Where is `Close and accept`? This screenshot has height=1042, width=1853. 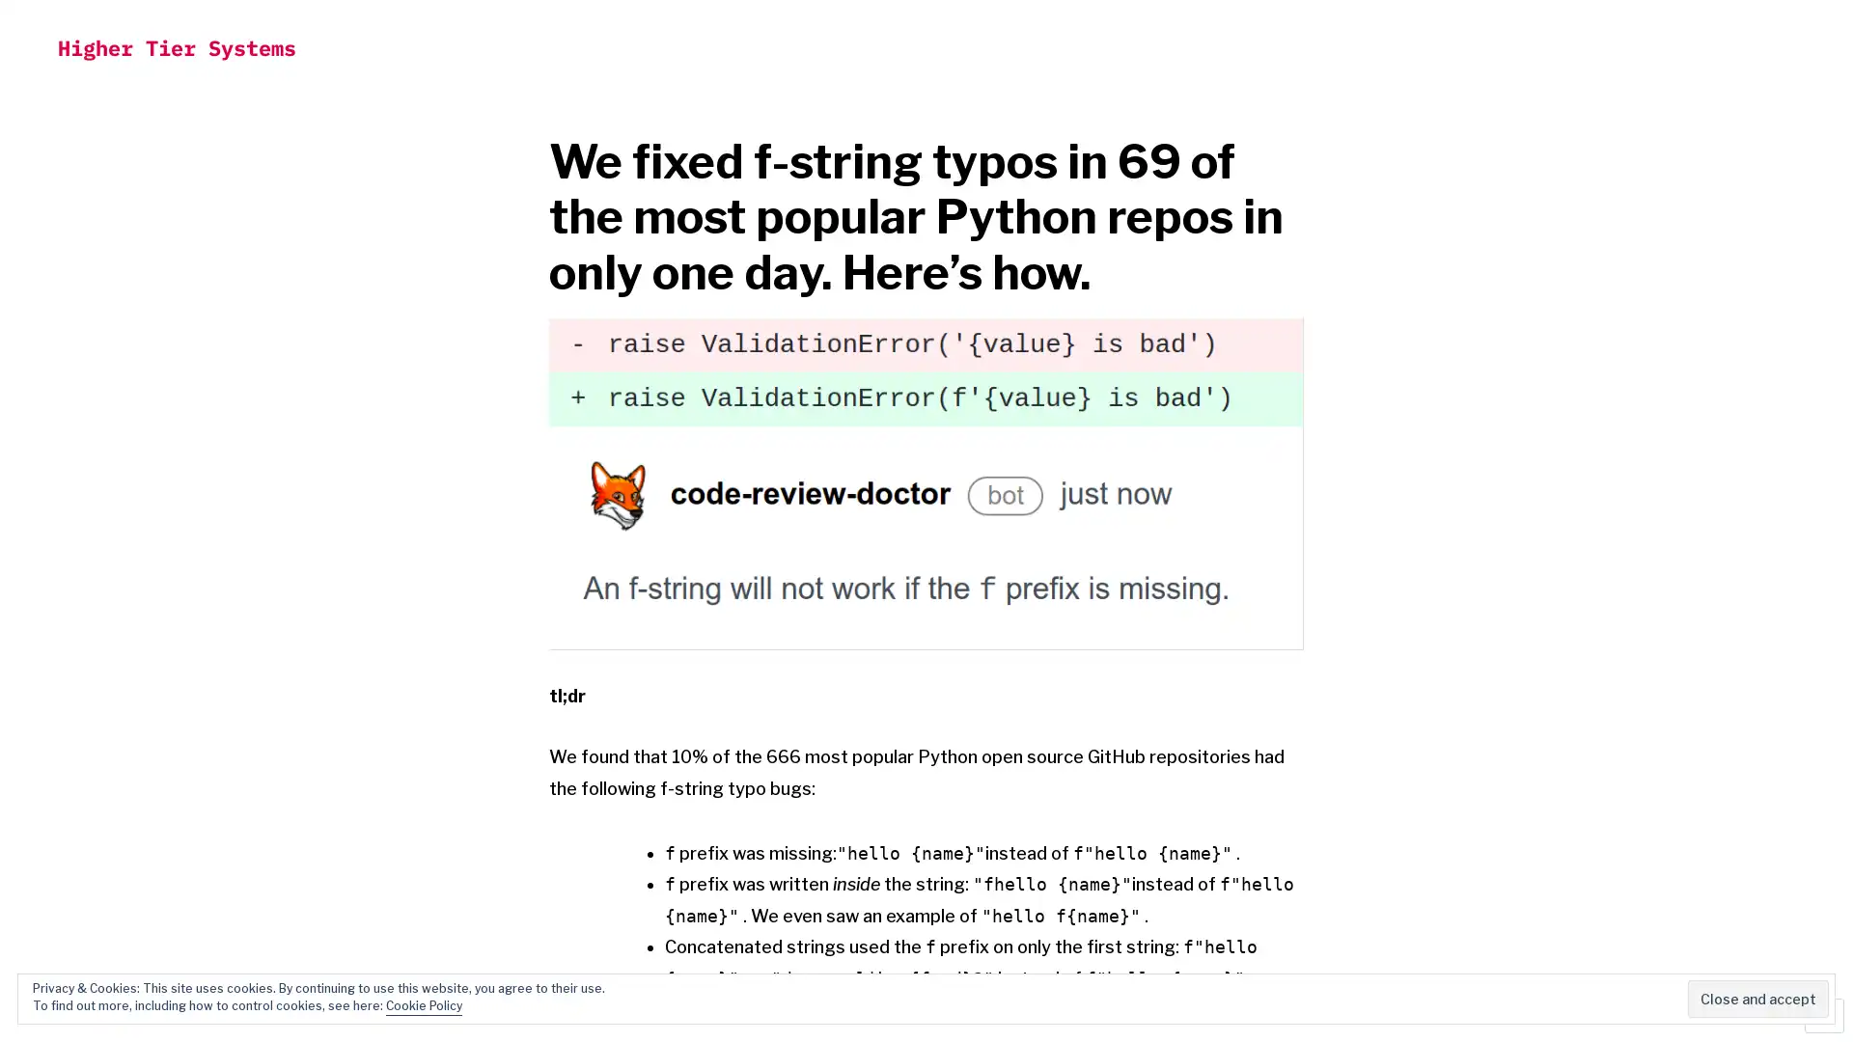 Close and accept is located at coordinates (1758, 999).